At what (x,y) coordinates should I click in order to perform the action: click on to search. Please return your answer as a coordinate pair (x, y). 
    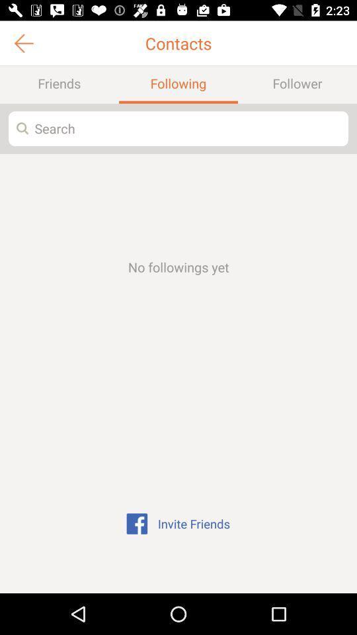
    Looking at the image, I should click on (178, 128).